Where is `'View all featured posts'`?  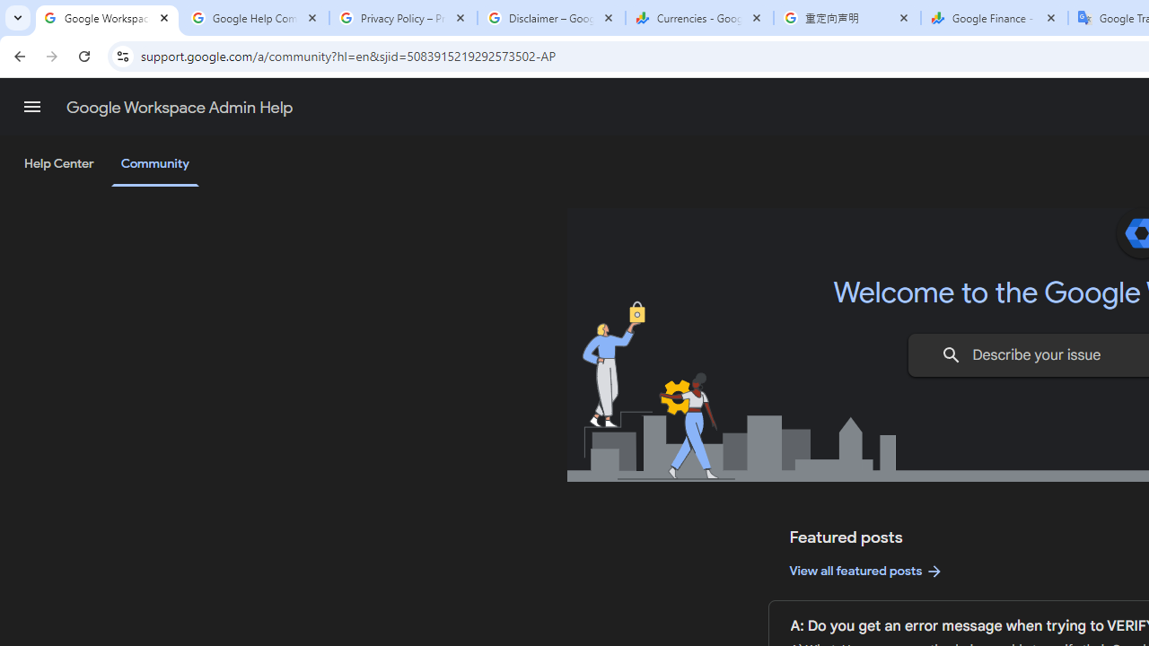
'View all featured posts' is located at coordinates (866, 571).